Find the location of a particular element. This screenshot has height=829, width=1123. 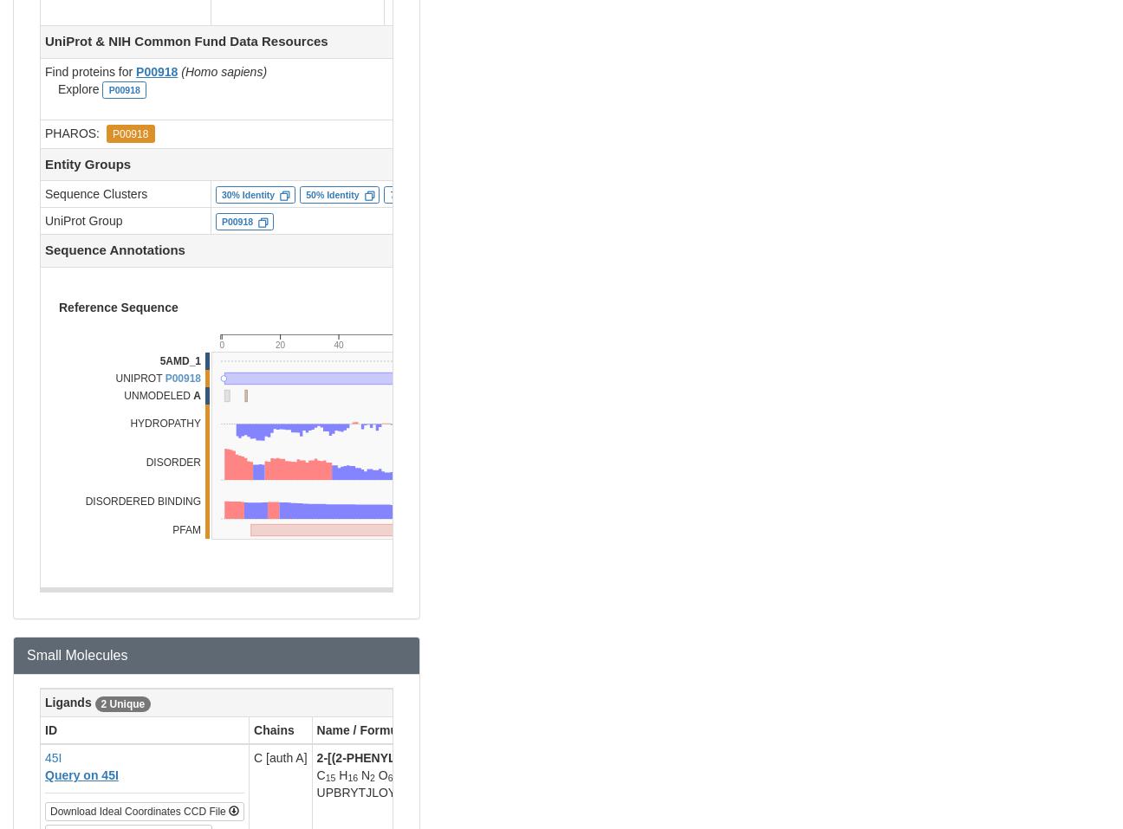

'Sequence Clusters' is located at coordinates (95, 193).